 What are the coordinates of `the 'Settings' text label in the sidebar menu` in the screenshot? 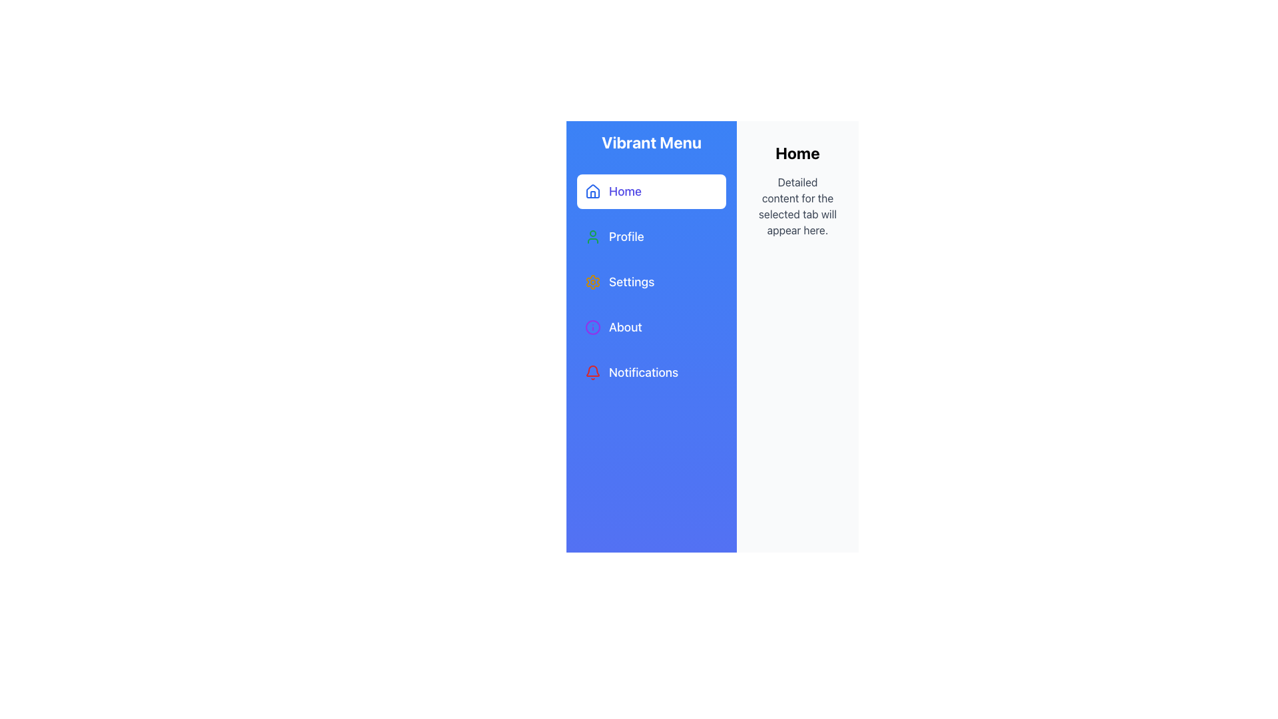 It's located at (631, 282).